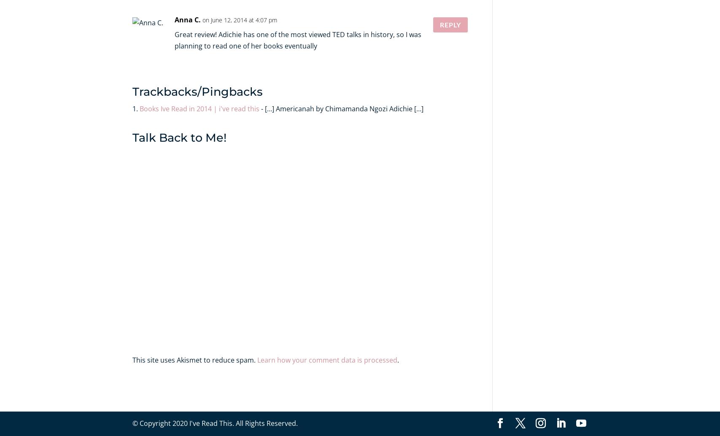 Image resolution: width=720 pixels, height=436 pixels. I want to click on 'This site uses Akismet to reduce spam.', so click(194, 359).